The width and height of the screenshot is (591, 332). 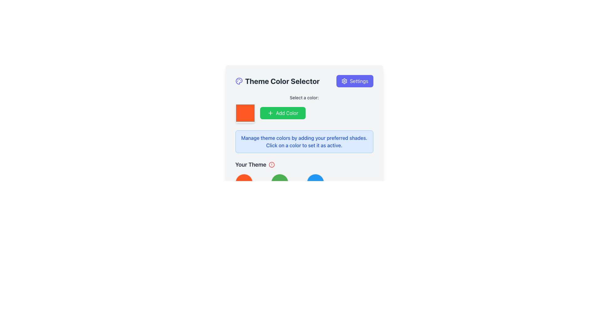 I want to click on the alert notification icon located to the right of the 'Your Theme' label, so click(x=271, y=164).